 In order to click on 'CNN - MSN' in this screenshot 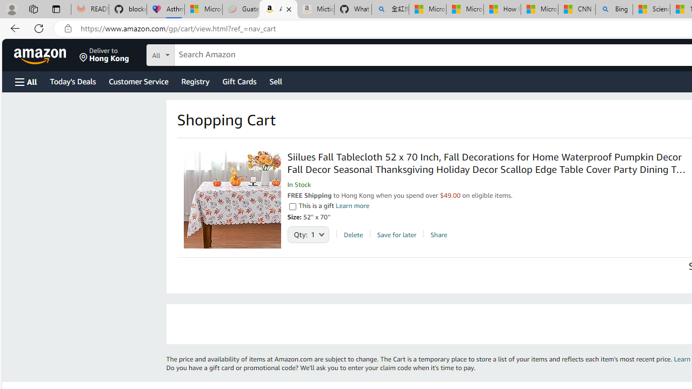, I will do `click(576, 9)`.